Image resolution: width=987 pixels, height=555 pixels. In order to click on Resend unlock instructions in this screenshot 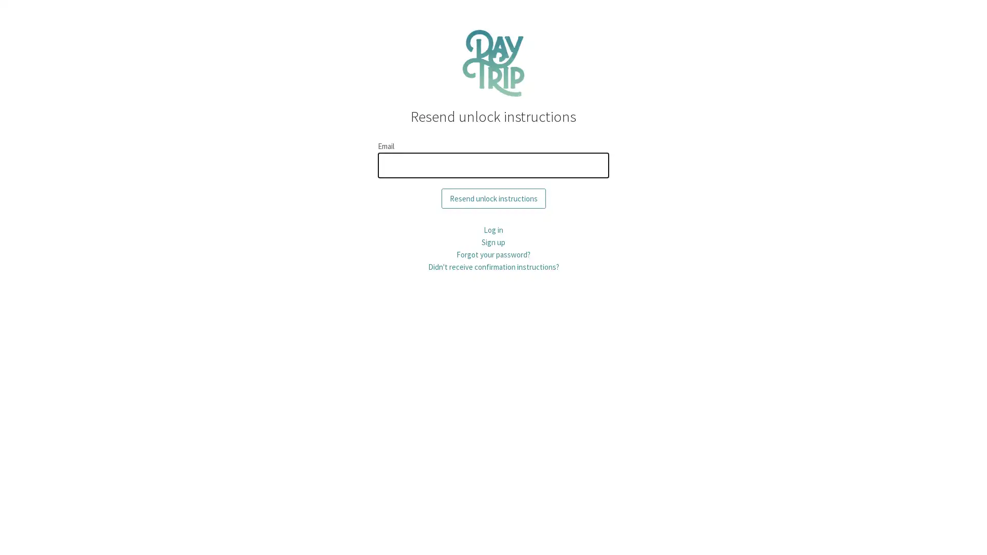, I will do `click(492, 198)`.